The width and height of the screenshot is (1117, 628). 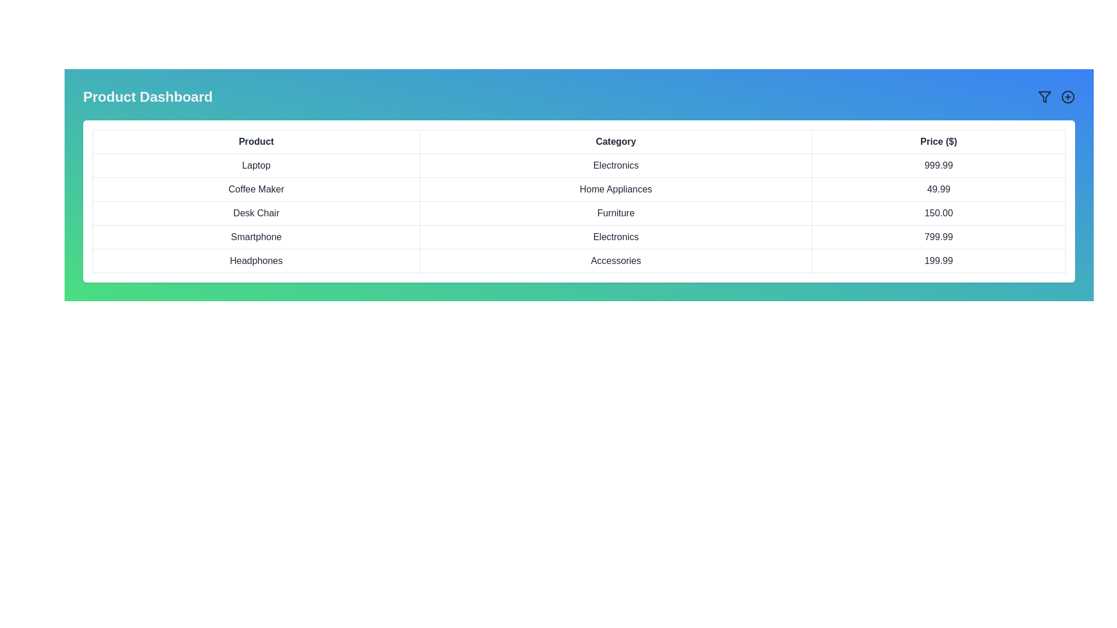 What do you see at coordinates (255, 237) in the screenshot?
I see `the Text label representing the product name in the leftmost column under the 'Product' header of the data table` at bounding box center [255, 237].